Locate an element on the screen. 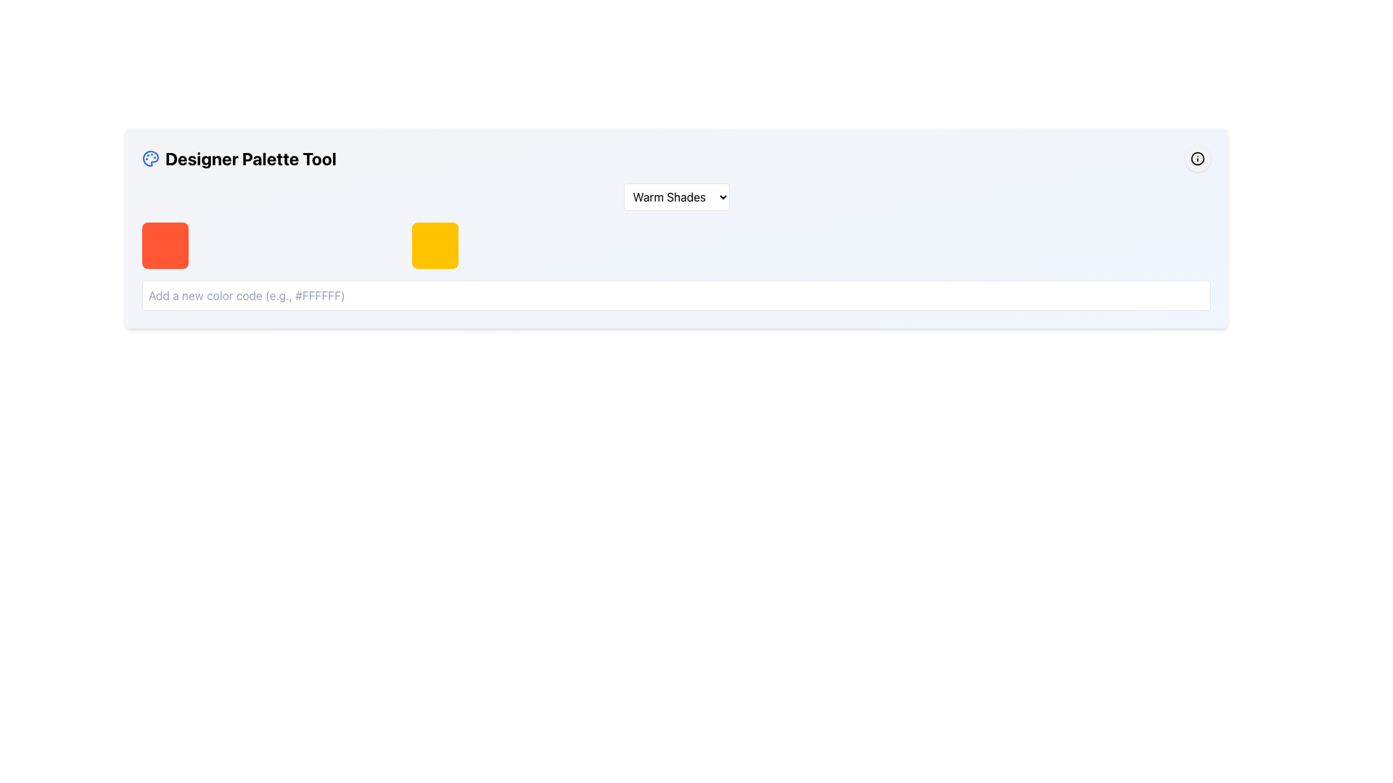  the dropdown menu within the 'Designer Palette Tool' is located at coordinates (675, 197).